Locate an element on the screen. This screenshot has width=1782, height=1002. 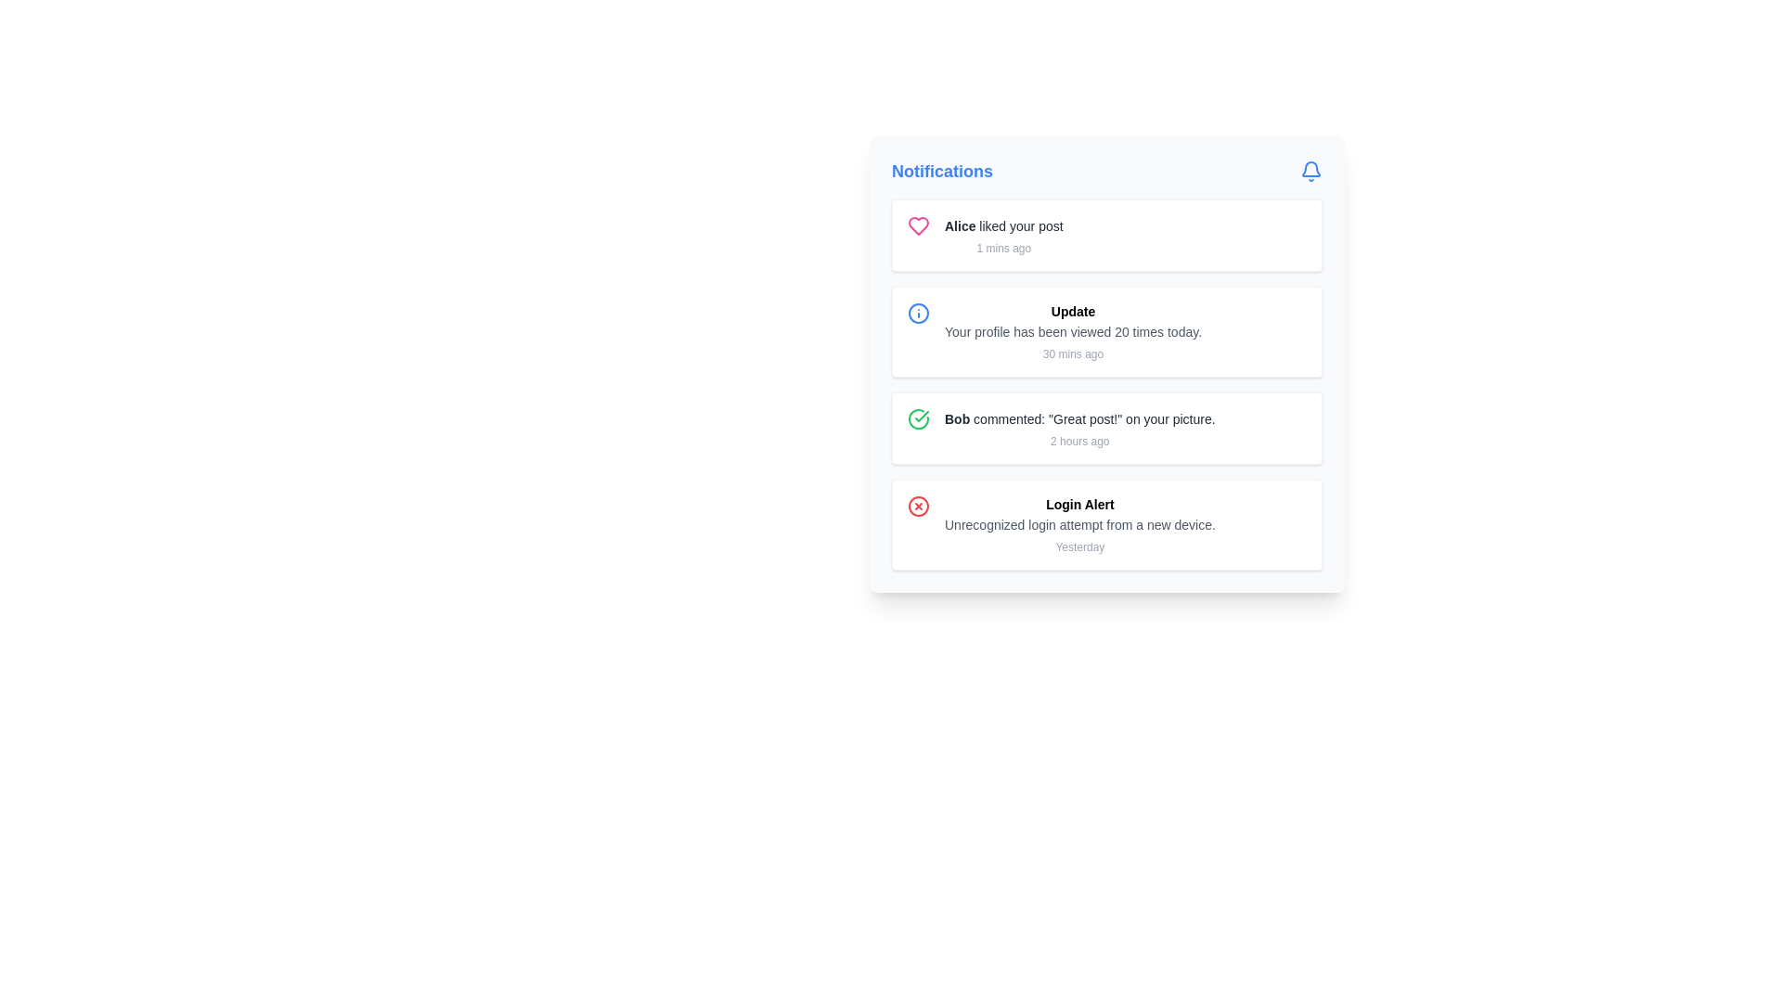
text label that indicates 'Alice liked your post' located in the first notification card under 'Notifications' is located at coordinates (1002, 225).